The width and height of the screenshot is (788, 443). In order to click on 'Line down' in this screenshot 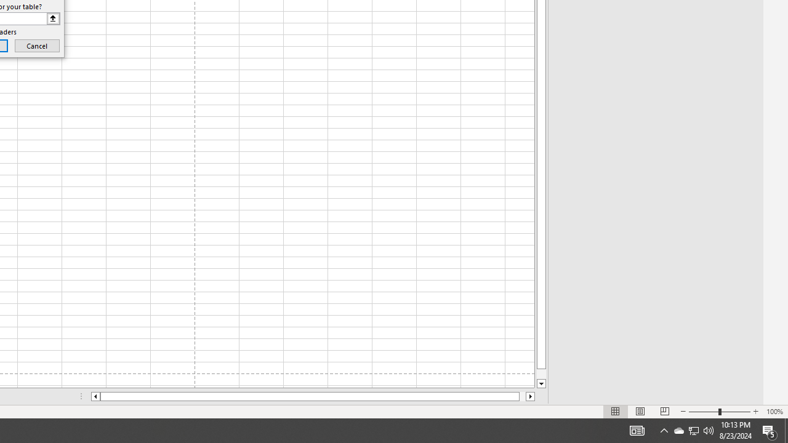, I will do `click(541, 383)`.